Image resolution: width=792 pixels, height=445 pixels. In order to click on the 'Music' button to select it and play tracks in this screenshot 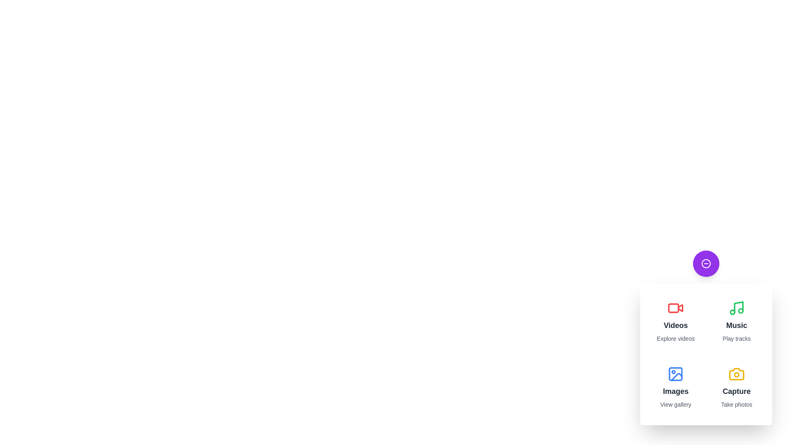, I will do `click(736, 321)`.